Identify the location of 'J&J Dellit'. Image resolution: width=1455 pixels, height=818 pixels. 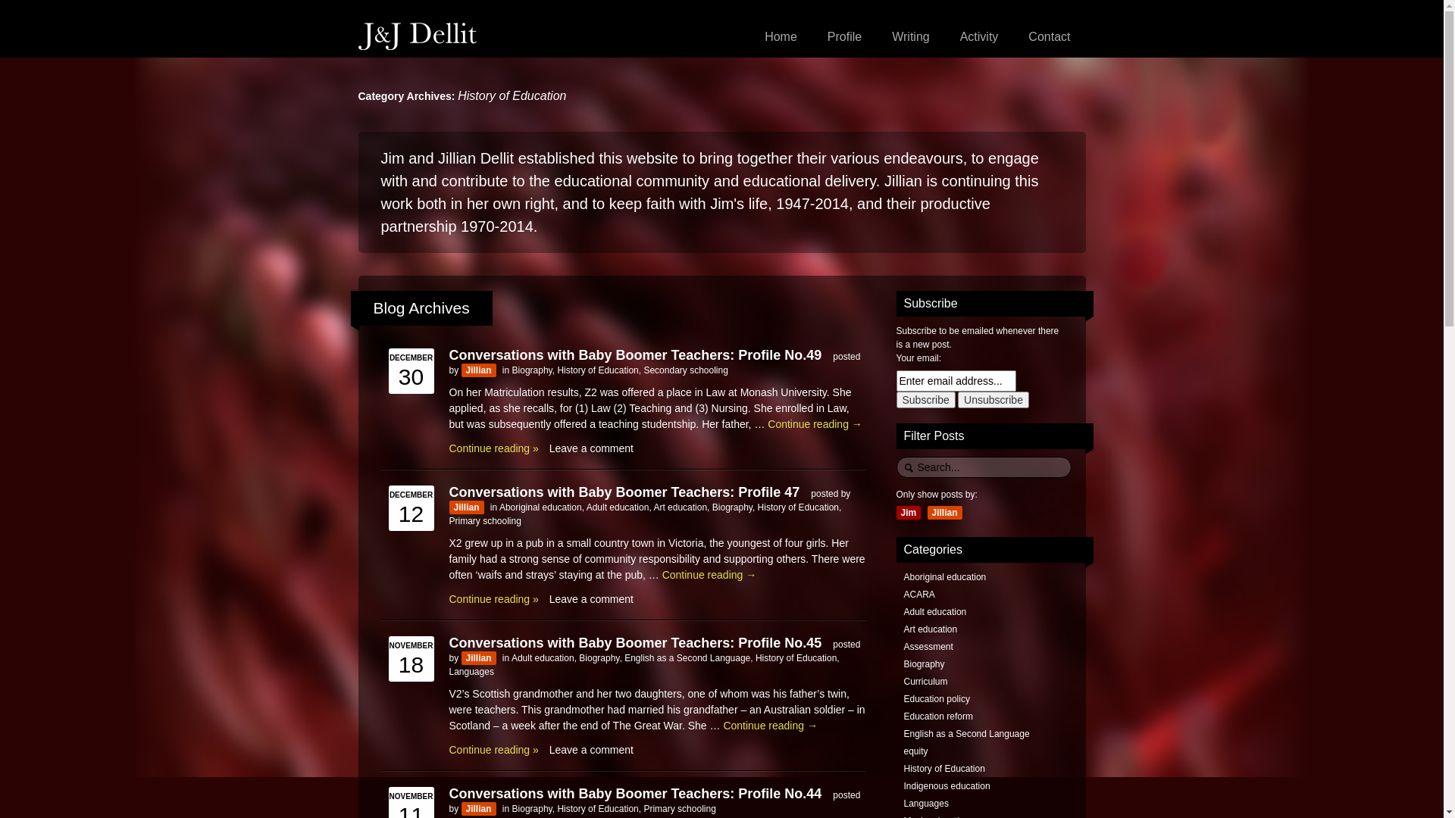
(417, 35).